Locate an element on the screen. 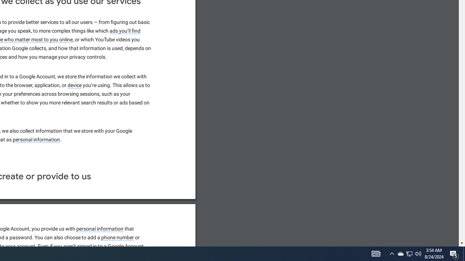 The image size is (465, 261). 'device' is located at coordinates (75, 85).